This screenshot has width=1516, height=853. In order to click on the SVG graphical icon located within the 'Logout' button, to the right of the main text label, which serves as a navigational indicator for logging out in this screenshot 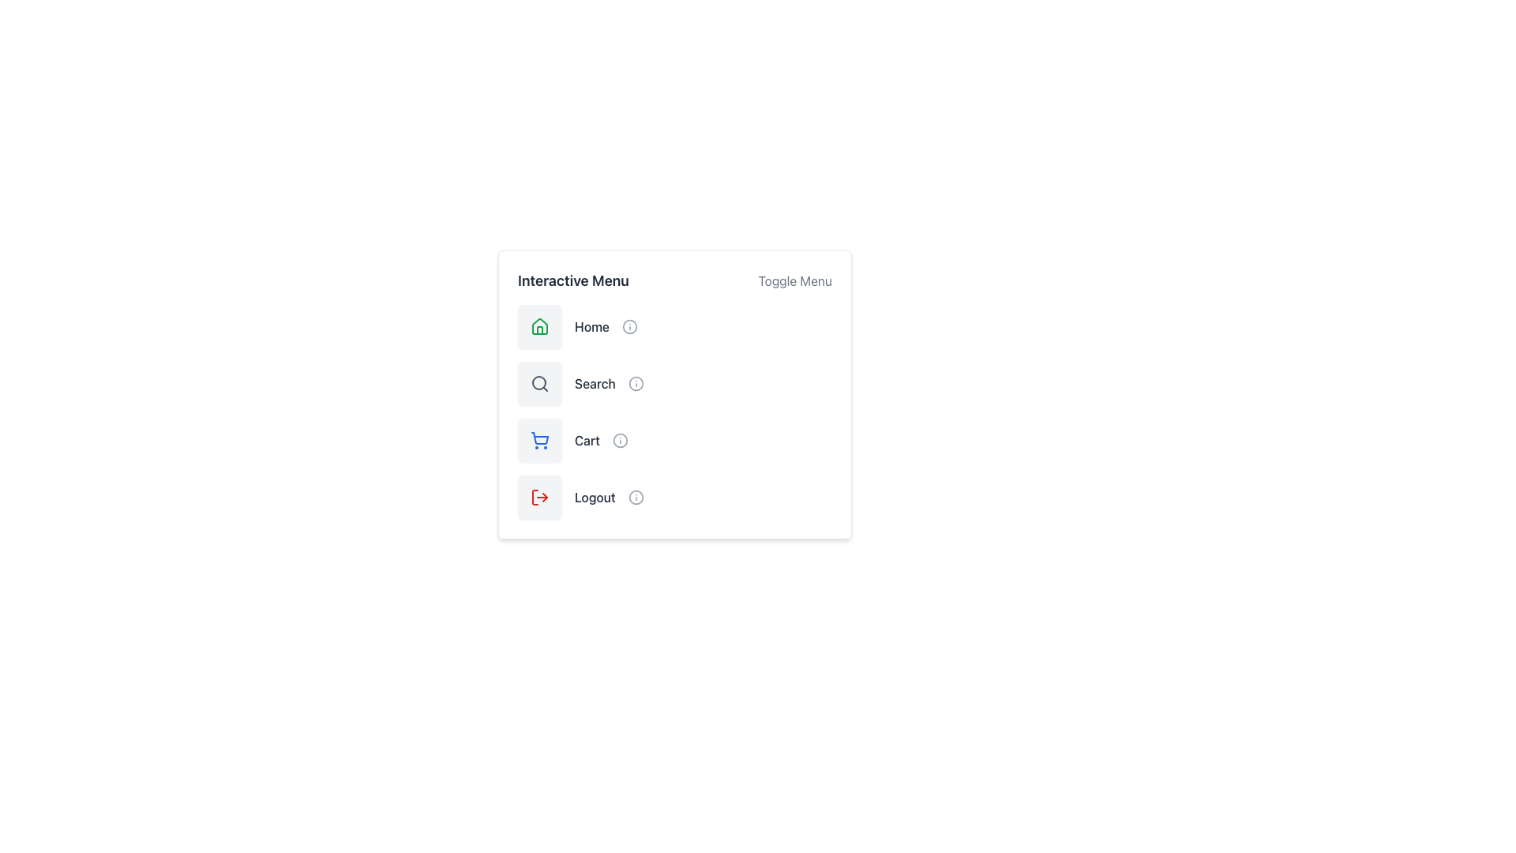, I will do `click(545, 496)`.